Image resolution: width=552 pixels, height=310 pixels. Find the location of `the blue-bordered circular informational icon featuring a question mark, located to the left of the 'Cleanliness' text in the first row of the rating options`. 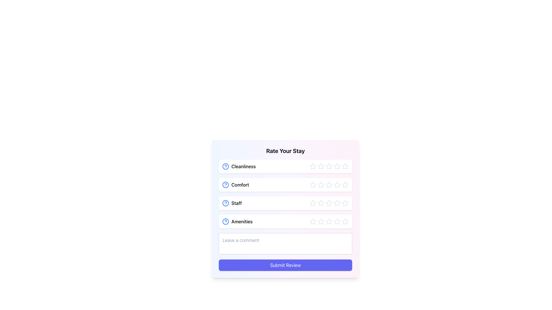

the blue-bordered circular informational icon featuring a question mark, located to the left of the 'Cleanliness' text in the first row of the rating options is located at coordinates (225, 166).